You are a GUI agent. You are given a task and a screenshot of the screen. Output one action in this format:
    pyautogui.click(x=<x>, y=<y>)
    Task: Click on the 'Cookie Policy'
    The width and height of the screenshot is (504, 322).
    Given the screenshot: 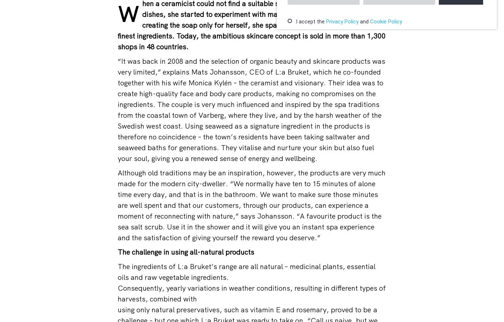 What is the action you would take?
    pyautogui.click(x=386, y=21)
    